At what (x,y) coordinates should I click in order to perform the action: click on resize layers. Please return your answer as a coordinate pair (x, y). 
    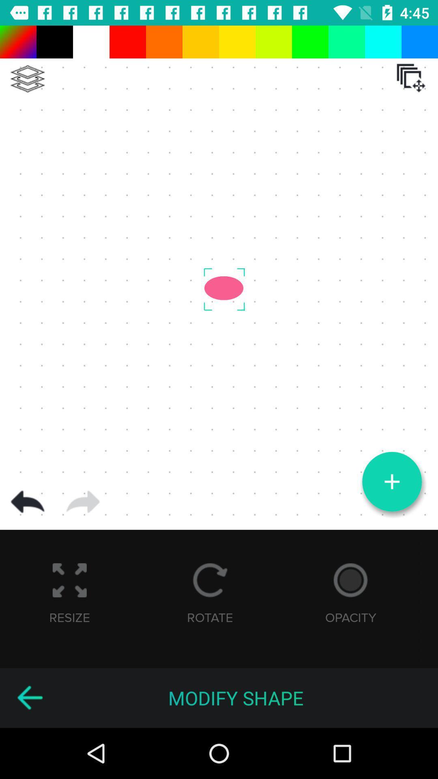
    Looking at the image, I should click on (411, 78).